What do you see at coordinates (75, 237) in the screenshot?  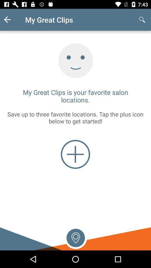 I see `option` at bounding box center [75, 237].